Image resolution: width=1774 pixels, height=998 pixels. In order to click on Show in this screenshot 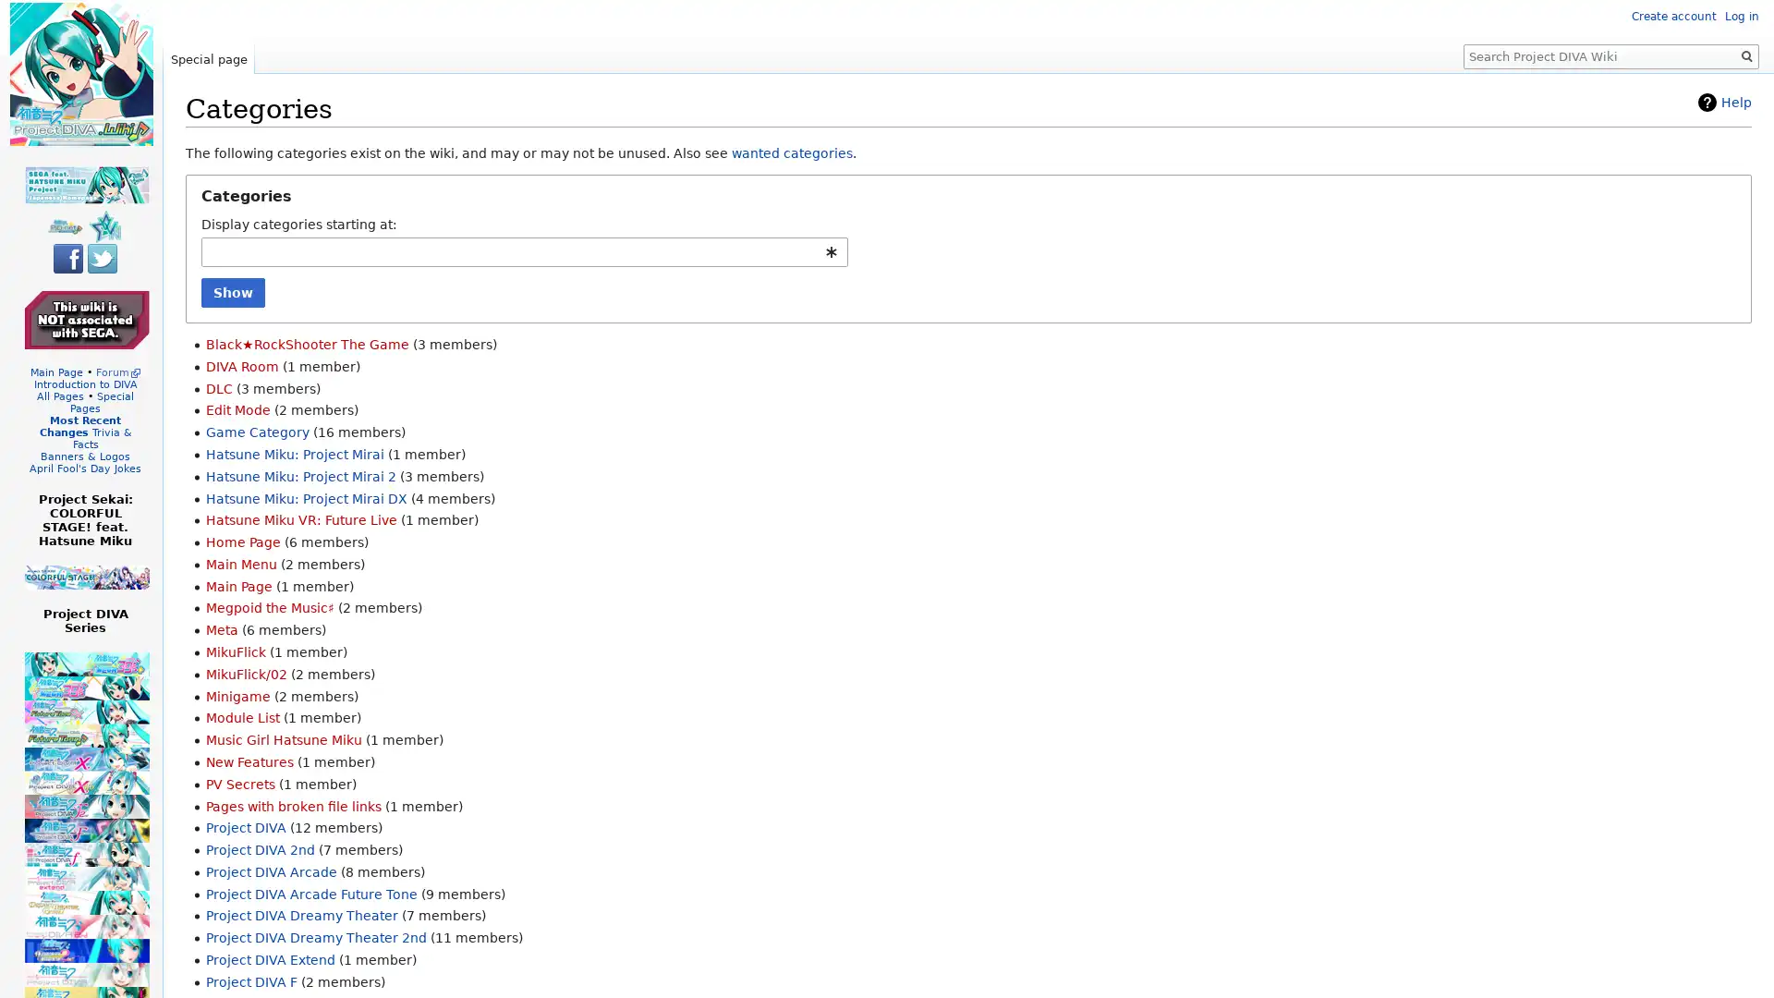, I will do `click(232, 291)`.